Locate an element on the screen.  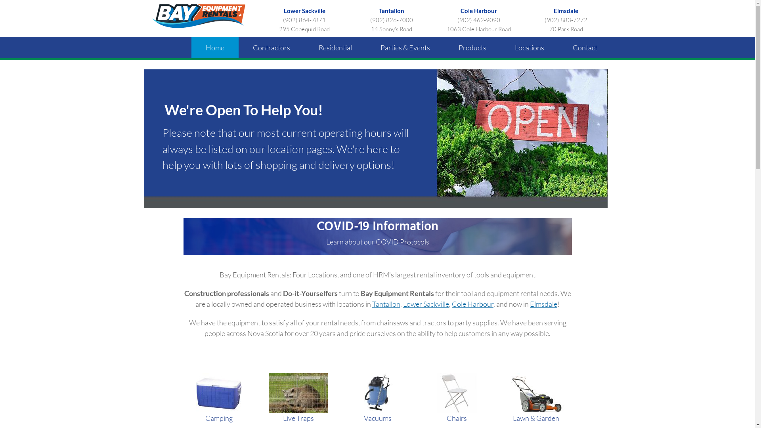
'Residential' is located at coordinates (335, 47).